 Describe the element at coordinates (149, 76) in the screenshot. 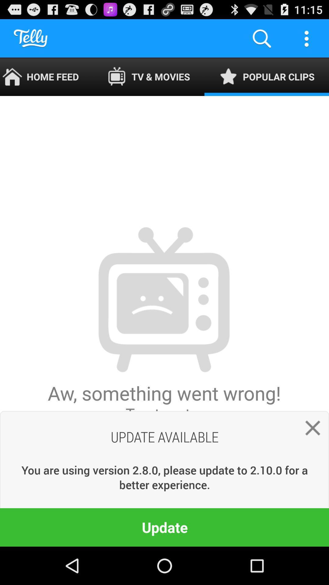

I see `the item to the left of the popular clips` at that location.